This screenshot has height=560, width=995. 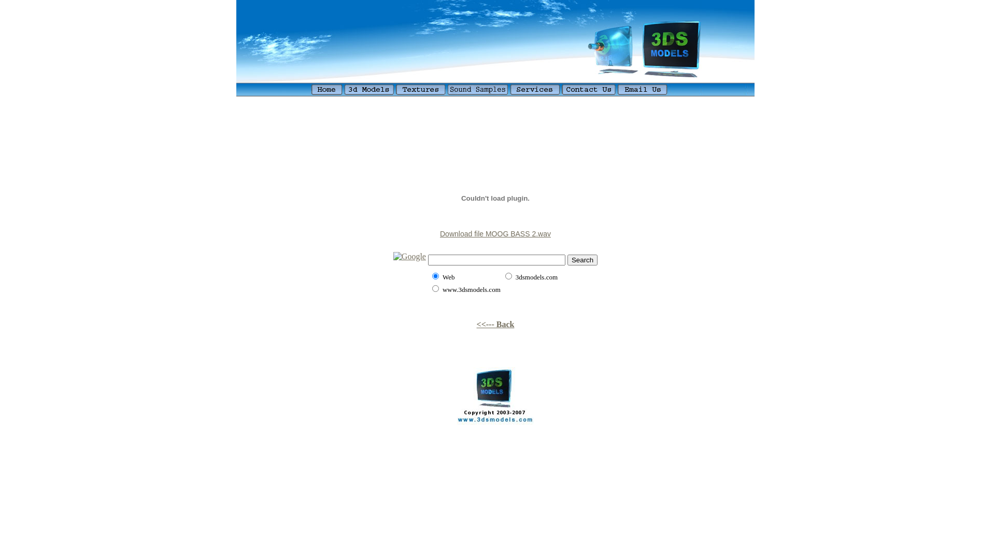 I want to click on 'Advertisement', so click(x=494, y=142).